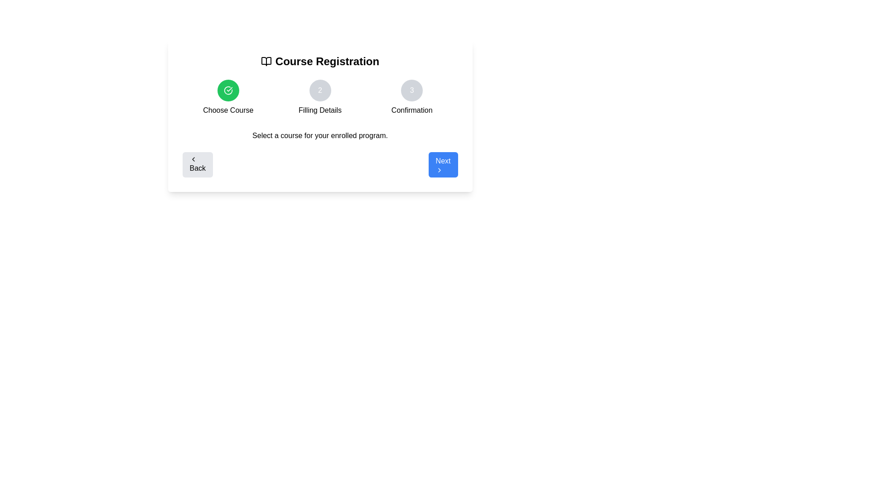 The width and height of the screenshot is (870, 489). What do you see at coordinates (320, 91) in the screenshot?
I see `the 'Filling Details' button, which is the second step indicator in the step-by-step navigation process` at bounding box center [320, 91].